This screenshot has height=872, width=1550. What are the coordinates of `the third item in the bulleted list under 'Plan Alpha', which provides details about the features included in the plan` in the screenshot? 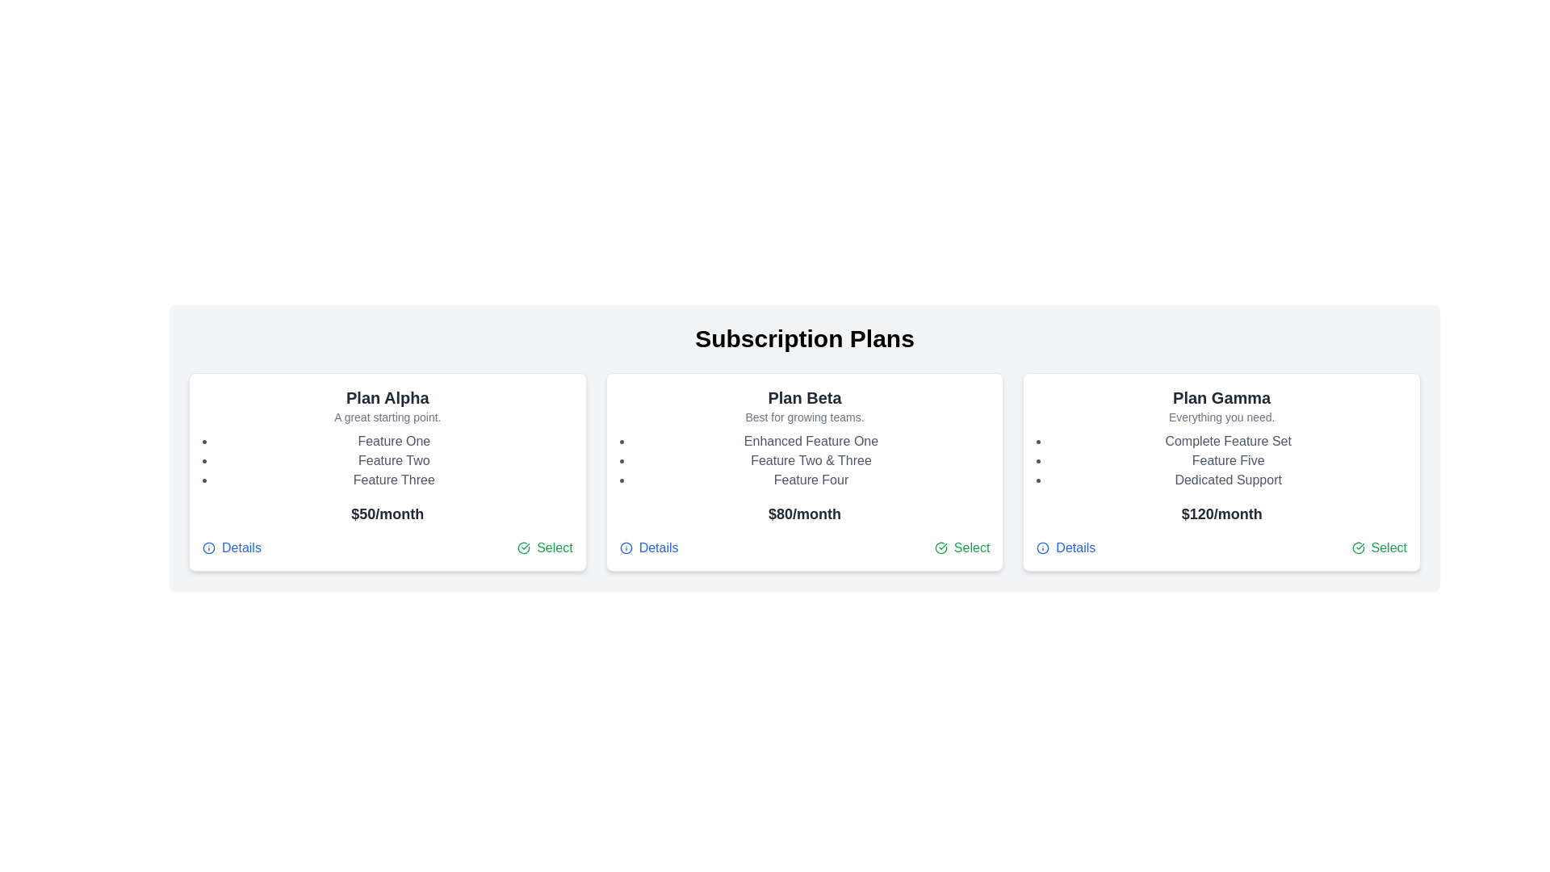 It's located at (394, 479).